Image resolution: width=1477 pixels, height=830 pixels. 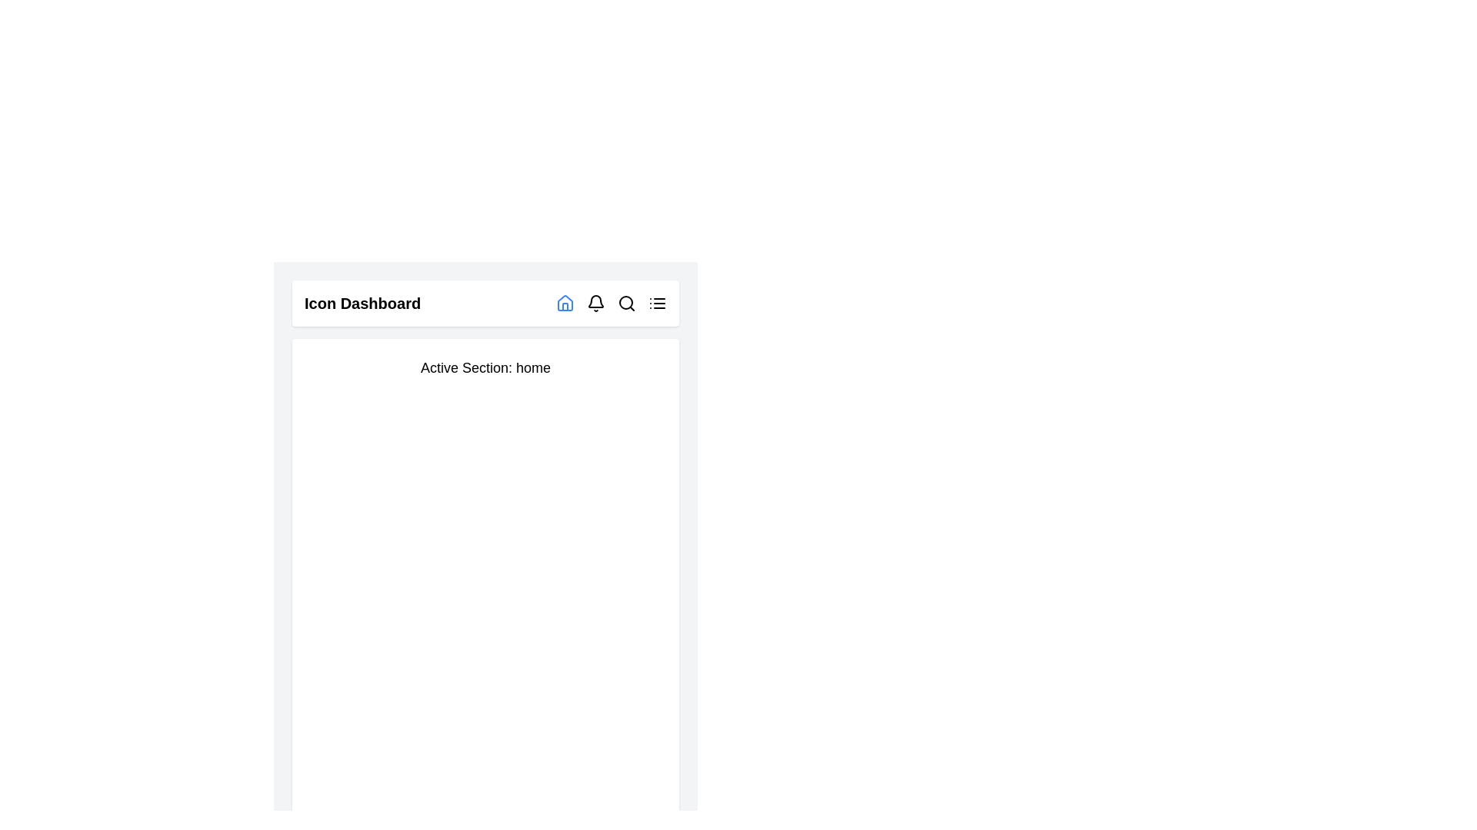 I want to click on the doorway element of the house icon located in the top navigation bar, which is positioned to the left of the bell icon and the magnifying glass icon, so click(x=564, y=307).